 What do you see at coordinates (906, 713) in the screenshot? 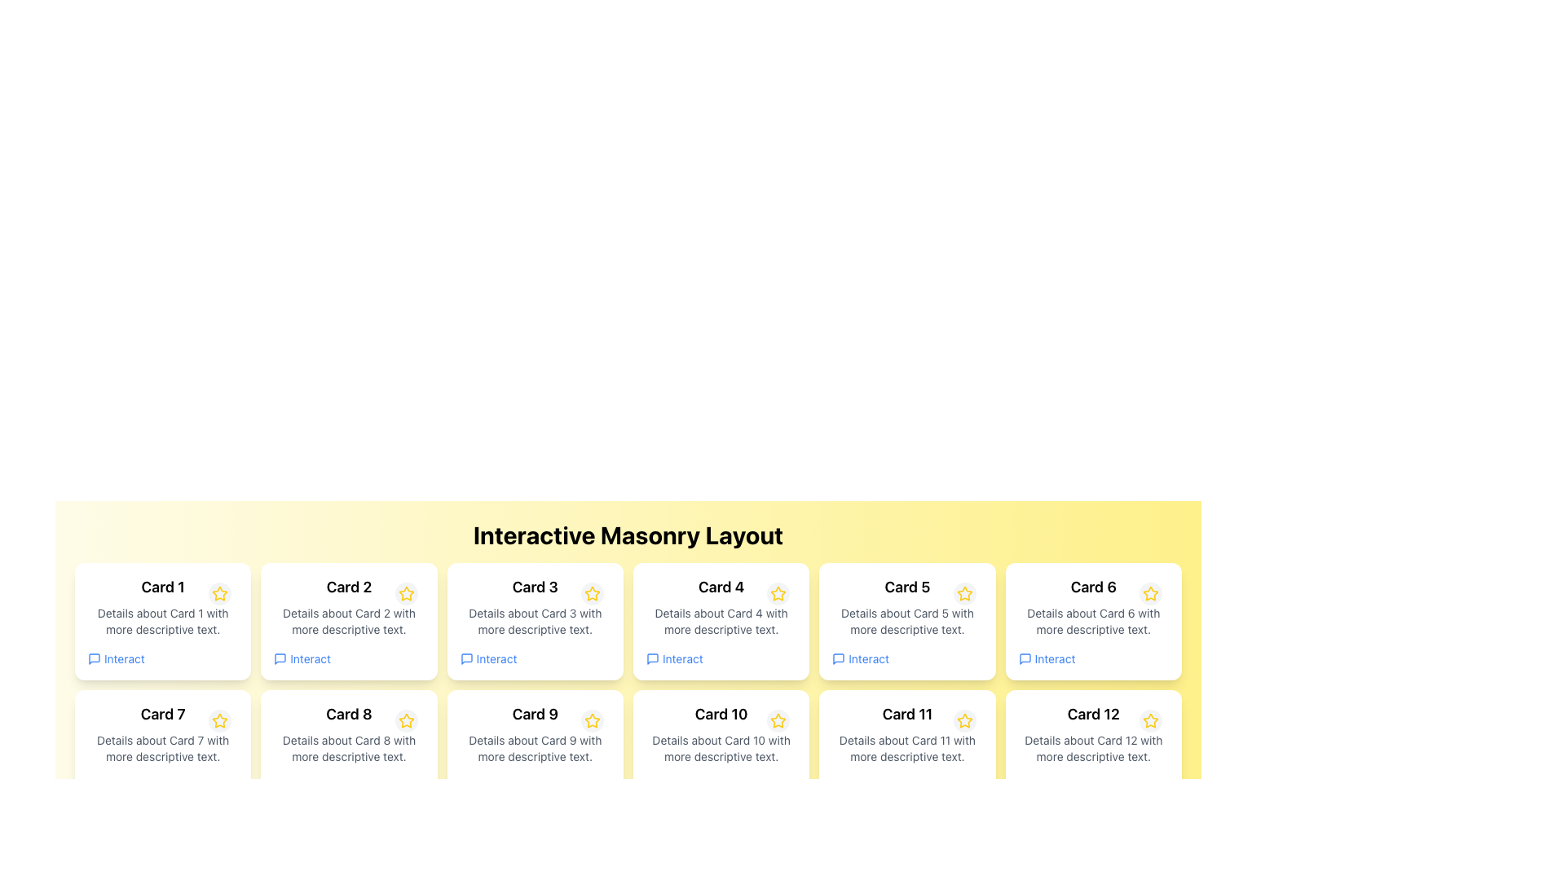
I see `the non-interactive heading label for 'Card 11', which identifies the card's content and is positioned in the third row, third column of the grid layout` at bounding box center [906, 713].